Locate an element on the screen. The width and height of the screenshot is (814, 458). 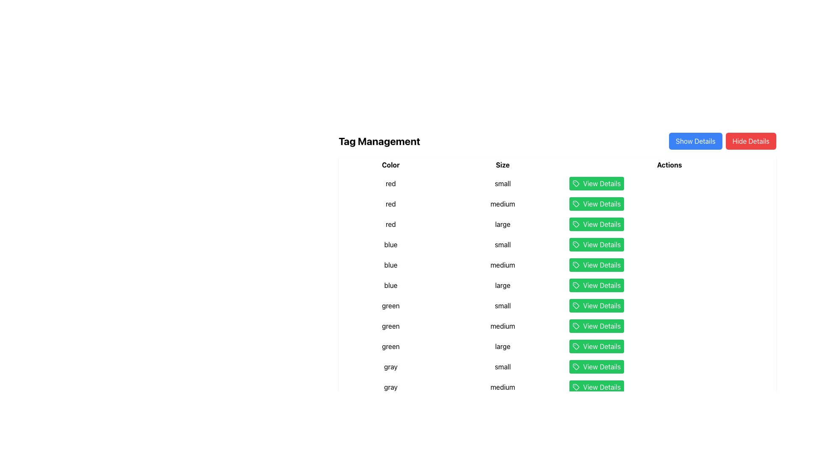
the static text label displaying 'green' in bold black font located in the 'Color' column of the table is located at coordinates (390, 346).